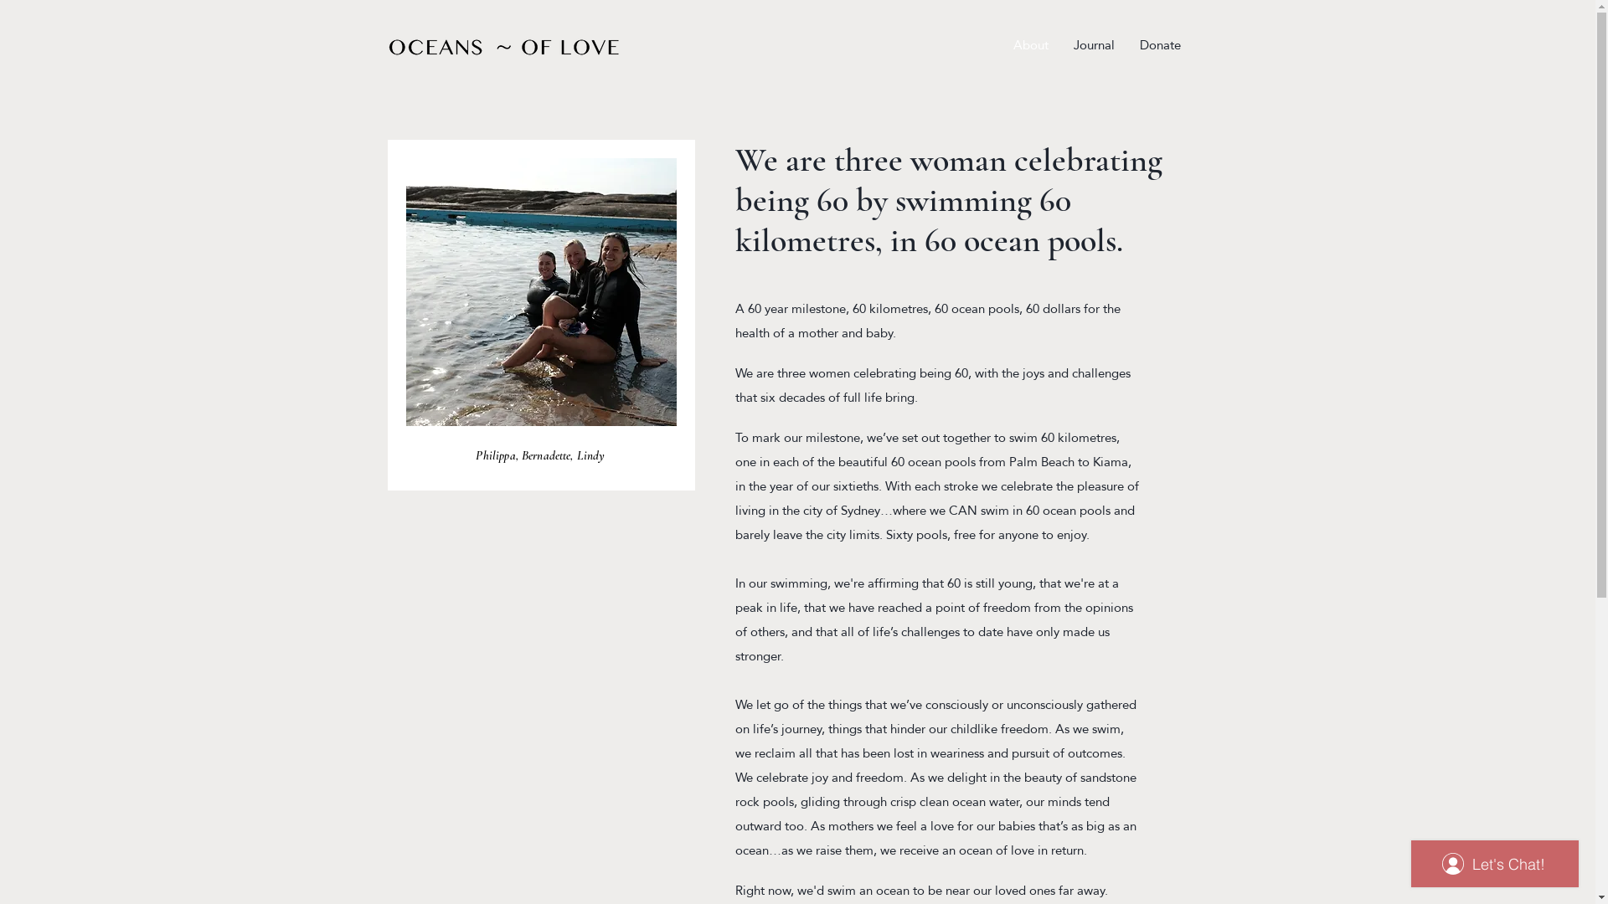 This screenshot has height=904, width=1608. Describe the element at coordinates (1159, 44) in the screenshot. I see `'Donate'` at that location.